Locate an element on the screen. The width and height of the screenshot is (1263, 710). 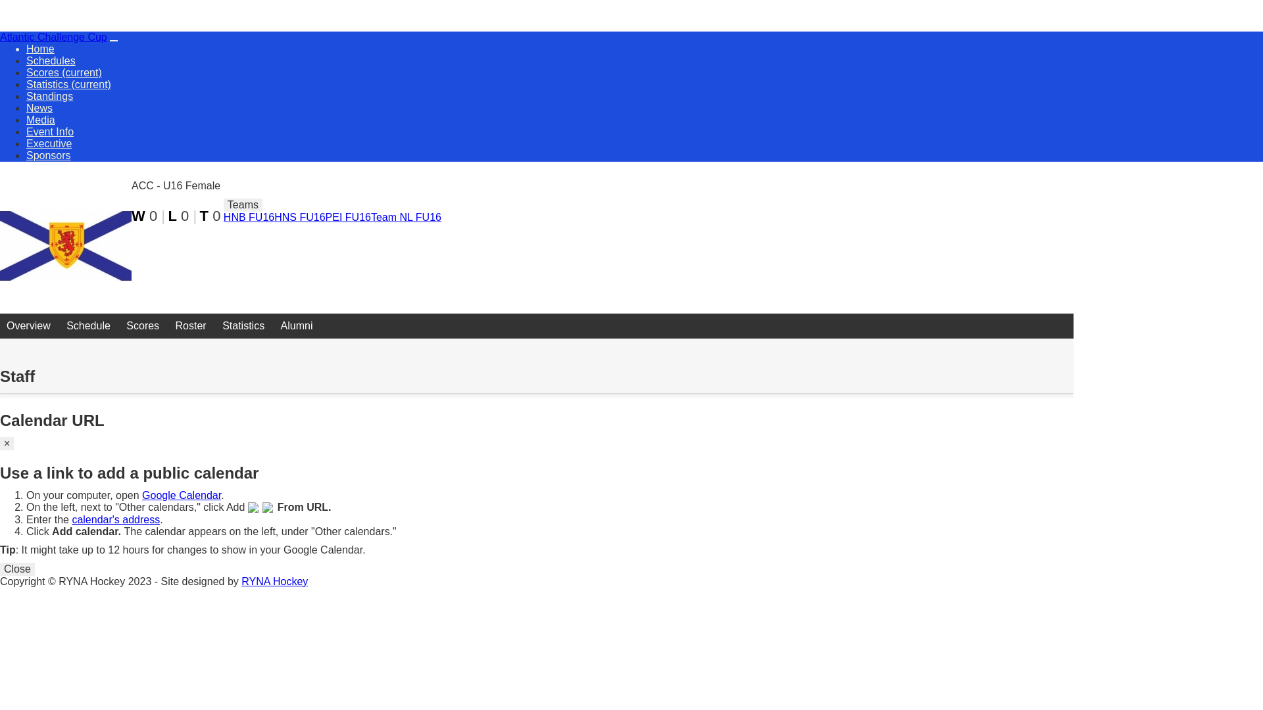
'RYNA Hockey' is located at coordinates (274, 580).